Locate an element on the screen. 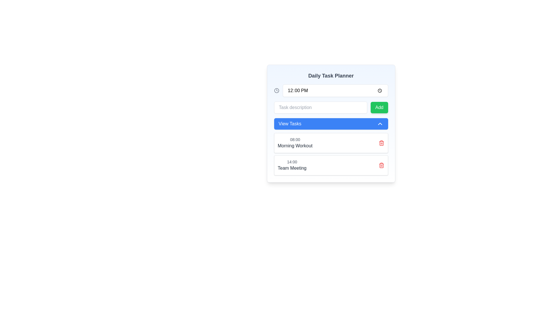 This screenshot has height=309, width=550. and drop the first task entry in the Daily Task Planner section, located under the blue header 'View Tasks' is located at coordinates (331, 146).